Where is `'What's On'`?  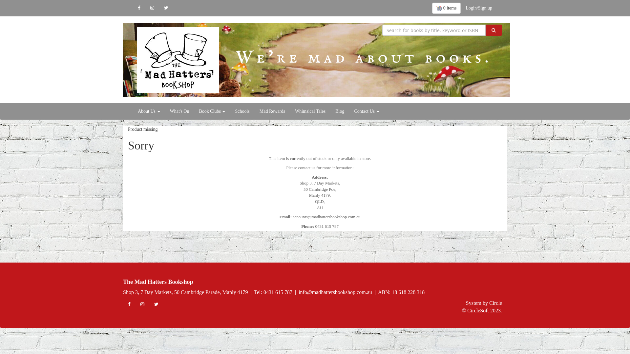 'What's On' is located at coordinates (179, 111).